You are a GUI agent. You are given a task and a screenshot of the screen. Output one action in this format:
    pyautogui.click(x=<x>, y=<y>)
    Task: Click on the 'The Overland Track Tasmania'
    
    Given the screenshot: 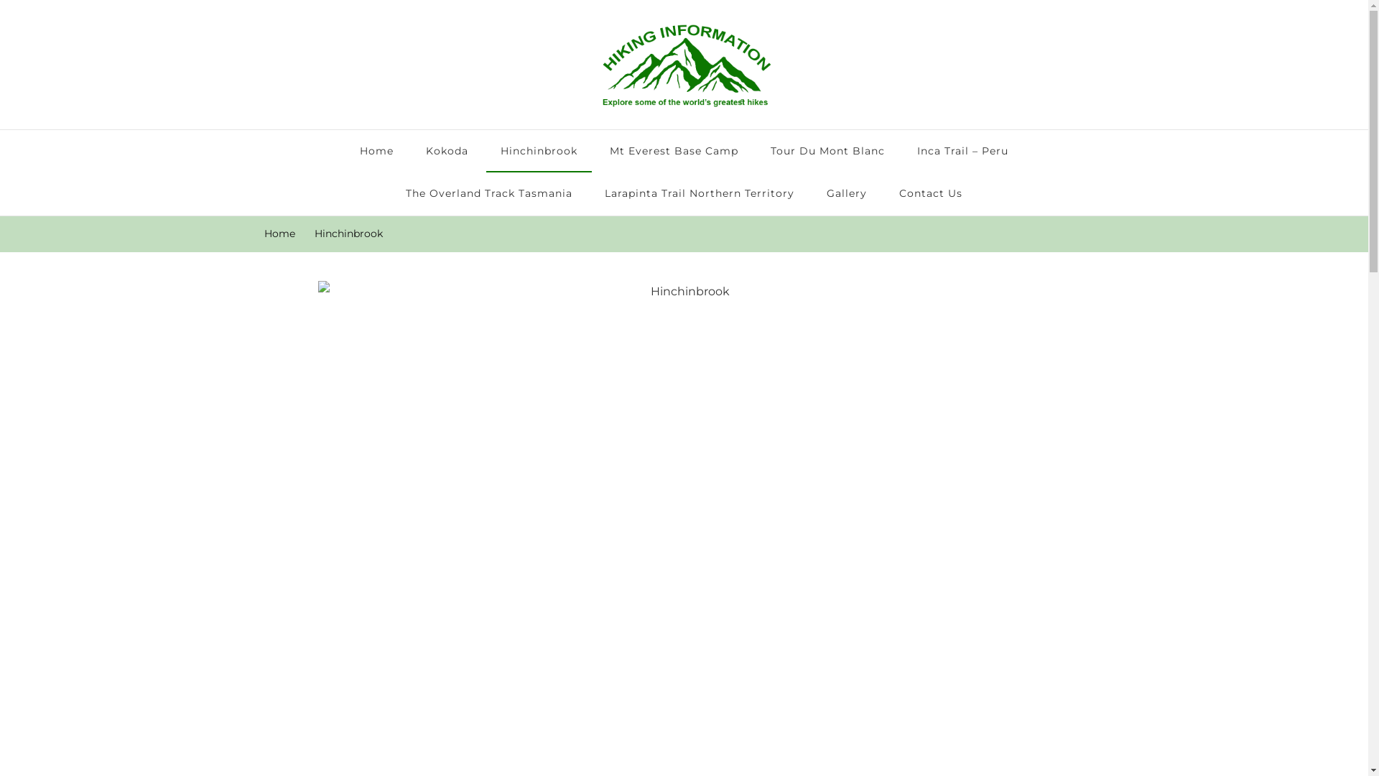 What is the action you would take?
    pyautogui.click(x=391, y=194)
    